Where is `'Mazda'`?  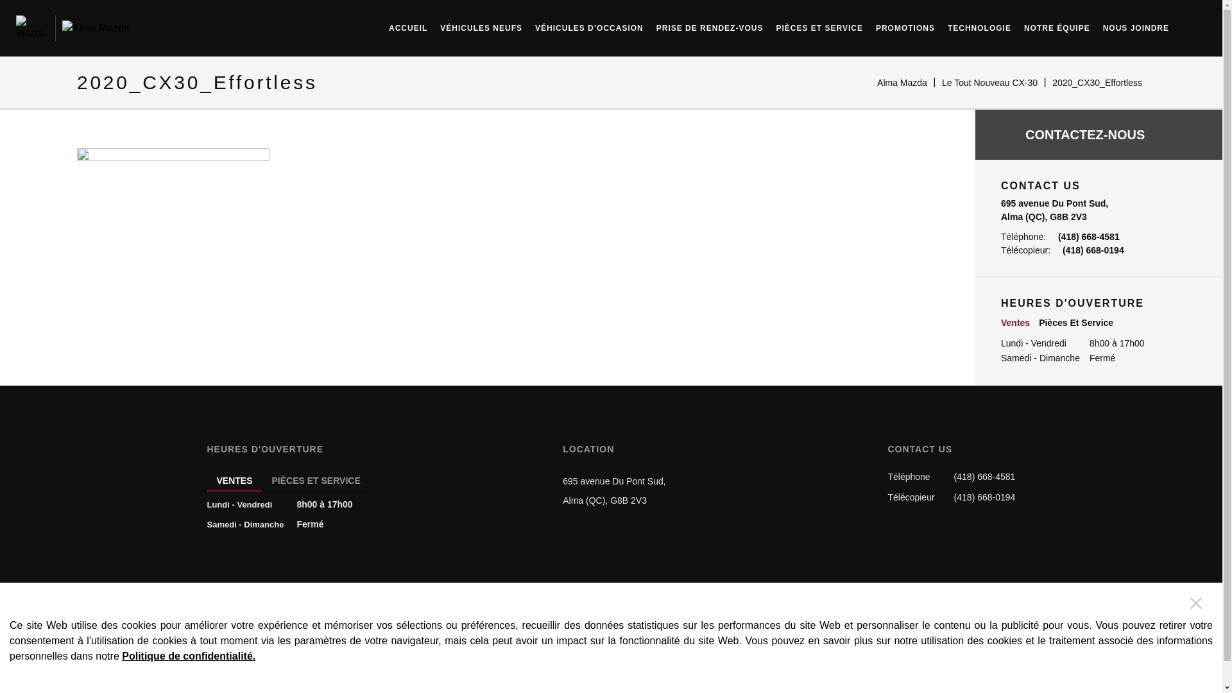
'Mazda' is located at coordinates (30, 28).